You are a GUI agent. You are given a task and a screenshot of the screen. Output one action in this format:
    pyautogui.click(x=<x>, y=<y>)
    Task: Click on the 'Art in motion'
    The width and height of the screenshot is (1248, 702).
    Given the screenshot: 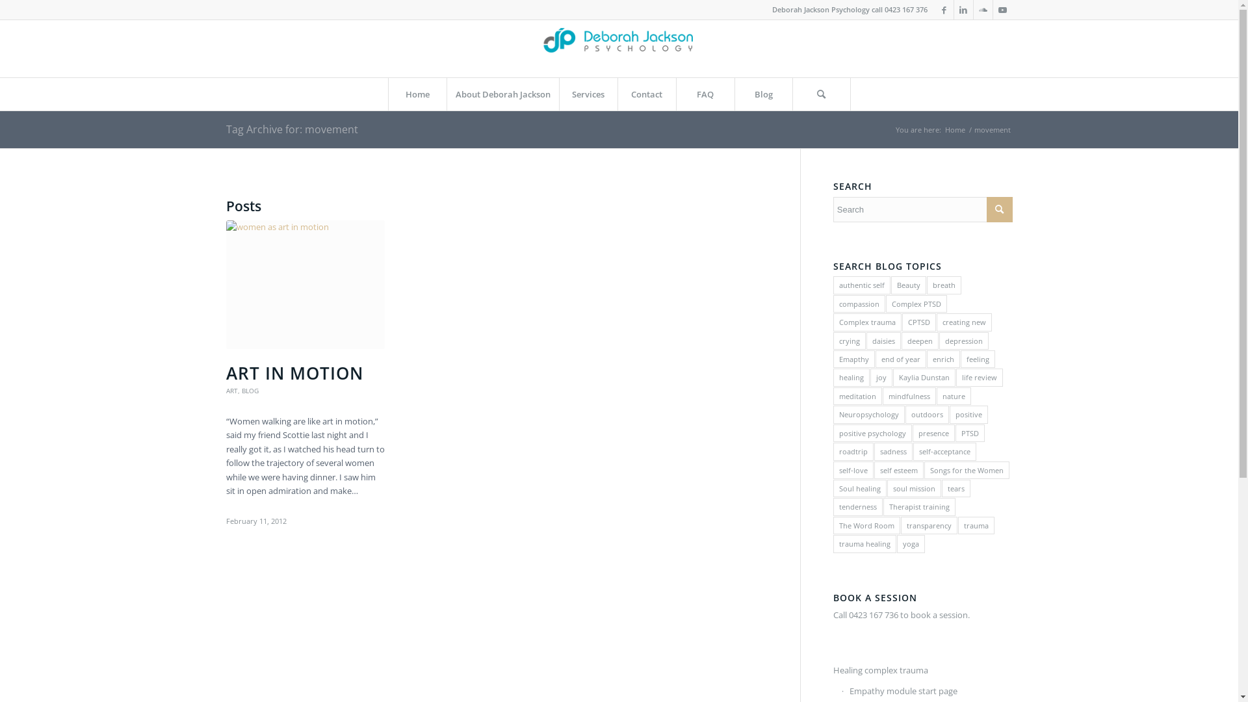 What is the action you would take?
    pyautogui.click(x=305, y=284)
    